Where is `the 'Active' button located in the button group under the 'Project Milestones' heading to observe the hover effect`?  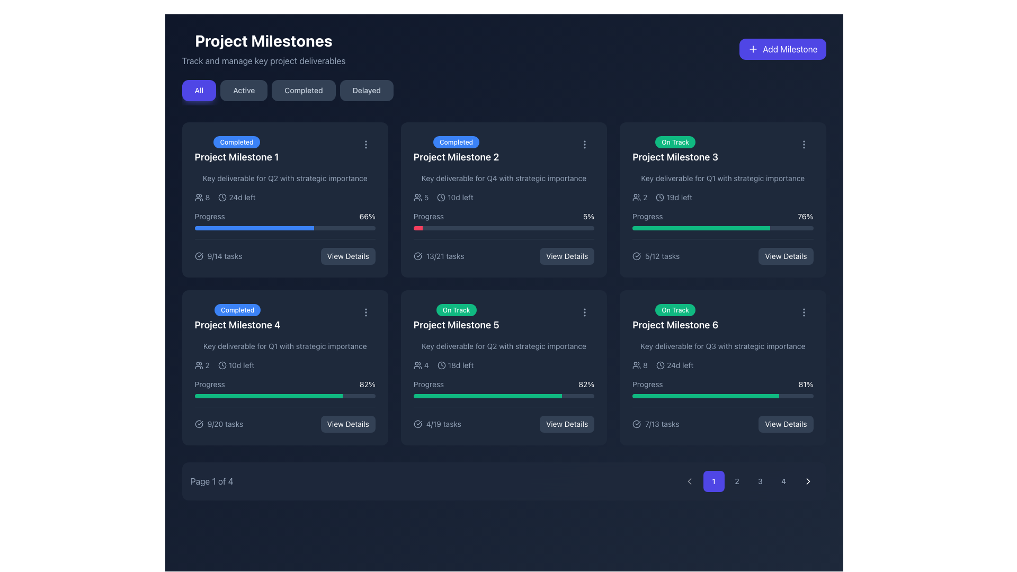 the 'Active' button located in the button group under the 'Project Milestones' heading to observe the hover effect is located at coordinates (243, 90).